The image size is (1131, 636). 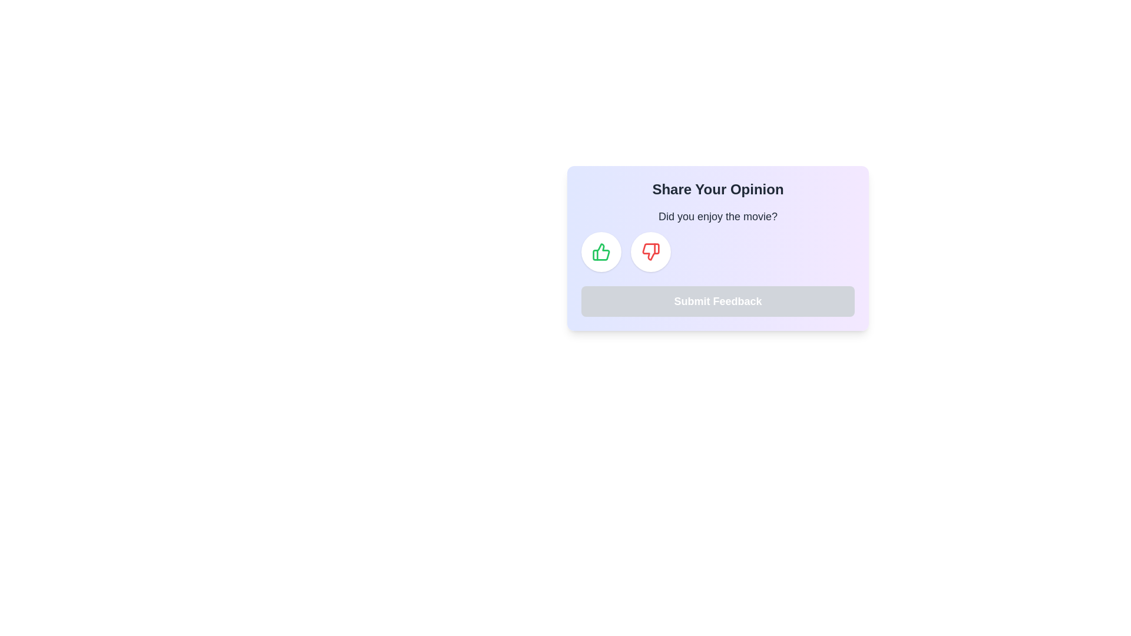 I want to click on the green thumbs-up icon button within the circular button located under the 'Did you enjoy the movie?' section, so click(x=601, y=251).